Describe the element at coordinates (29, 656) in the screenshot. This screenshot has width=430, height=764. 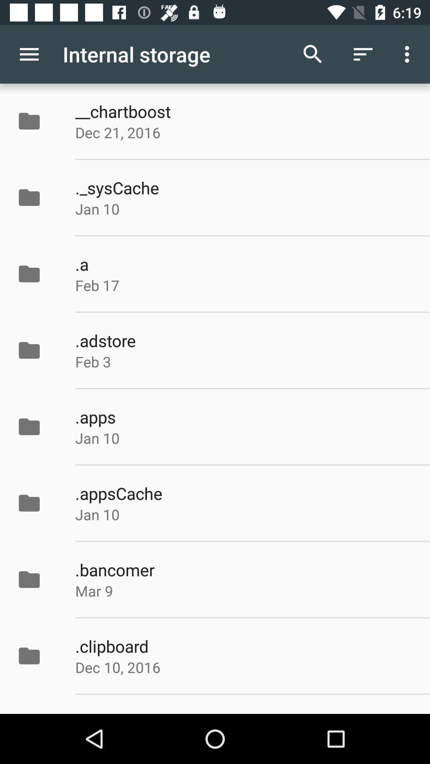
I see `the icon which is left to the bottom of the page` at that location.